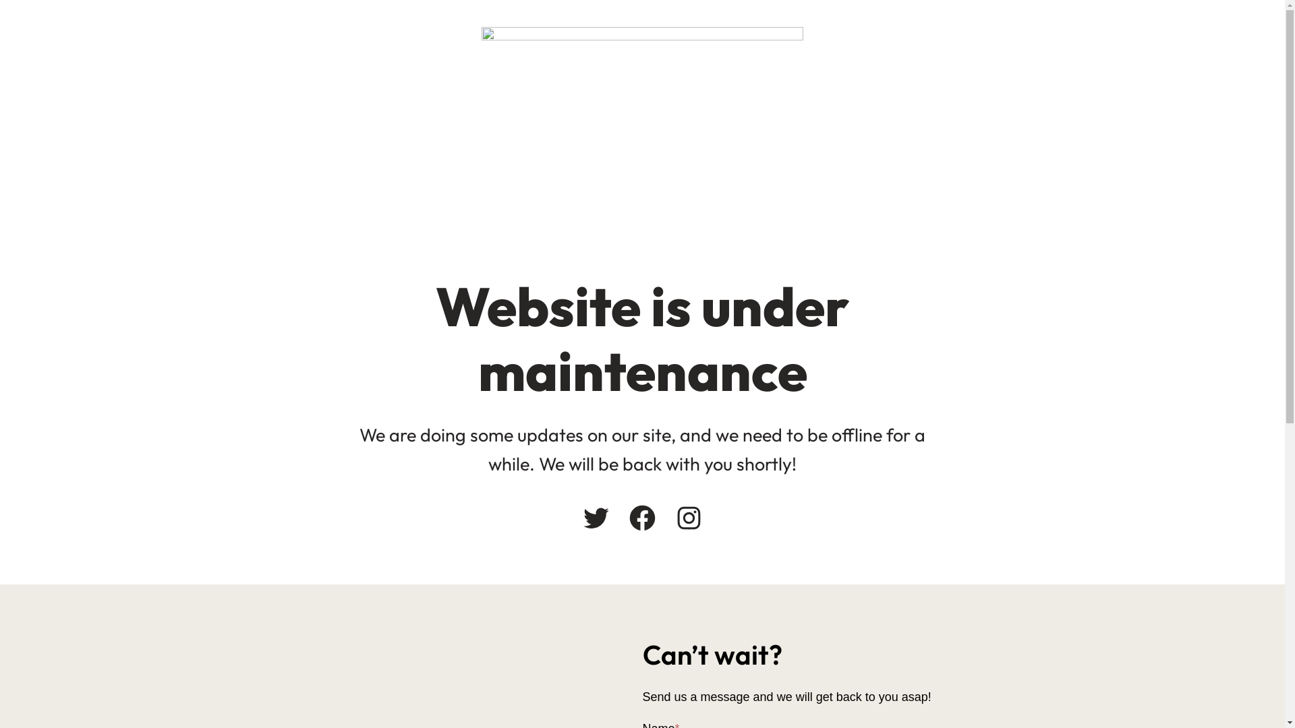 This screenshot has width=1295, height=728. Describe the element at coordinates (689, 517) in the screenshot. I see `'Instagram'` at that location.